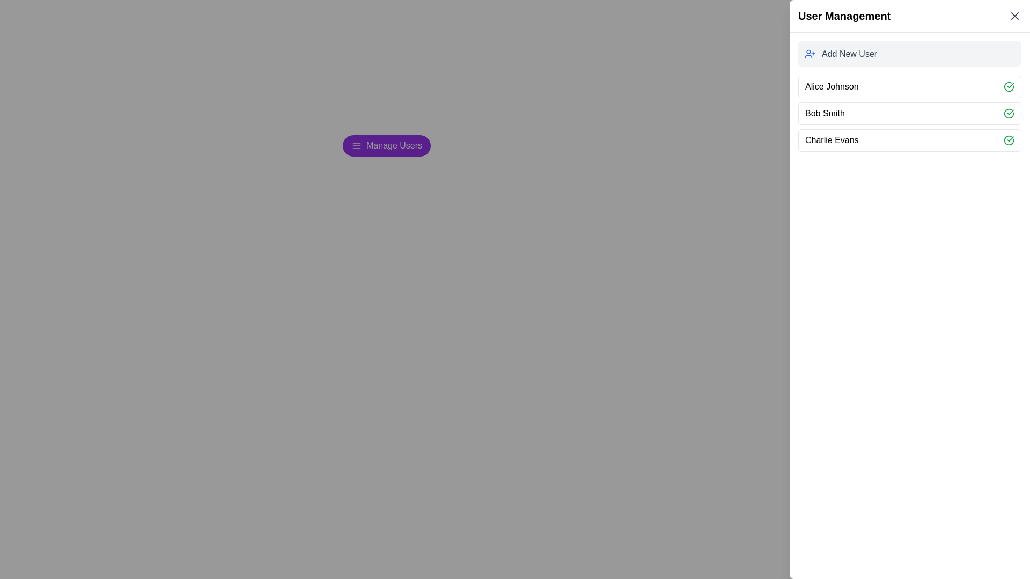  I want to click on the green checkmark icon located at the rightmost position of the row containing the text 'Charlie Evans', so click(1009, 140).